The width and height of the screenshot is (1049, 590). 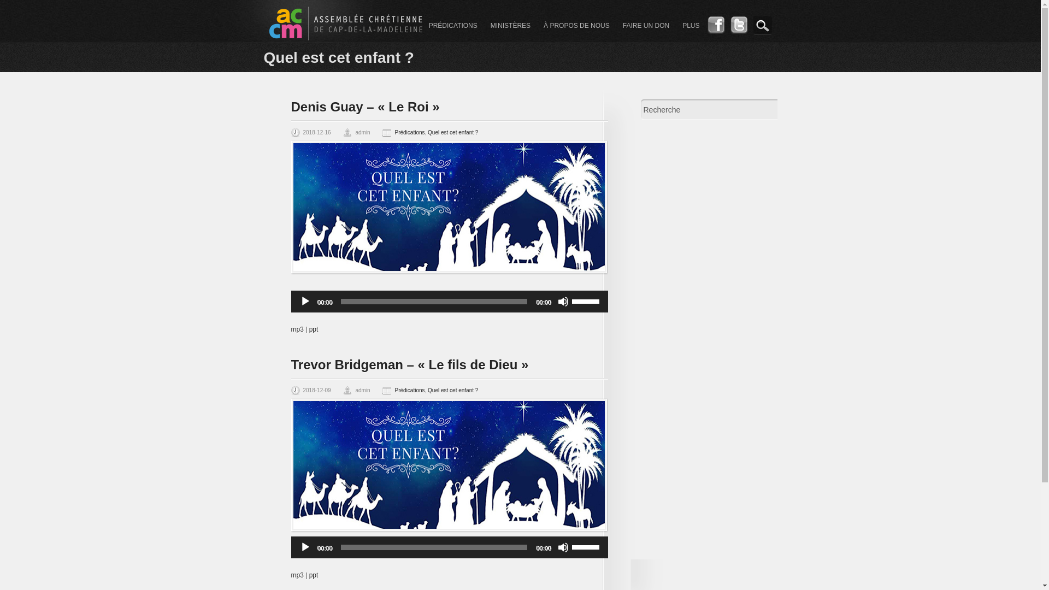 I want to click on 'Quel est cet enfant ?', so click(x=453, y=132).